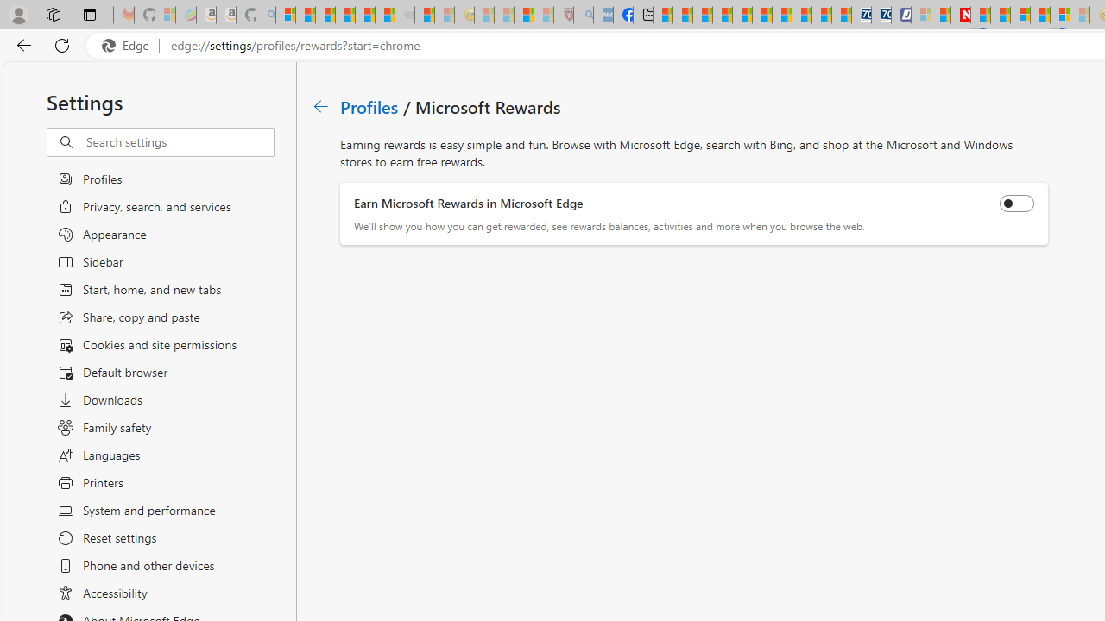  I want to click on 'The Weather Channel - MSN', so click(325, 15).